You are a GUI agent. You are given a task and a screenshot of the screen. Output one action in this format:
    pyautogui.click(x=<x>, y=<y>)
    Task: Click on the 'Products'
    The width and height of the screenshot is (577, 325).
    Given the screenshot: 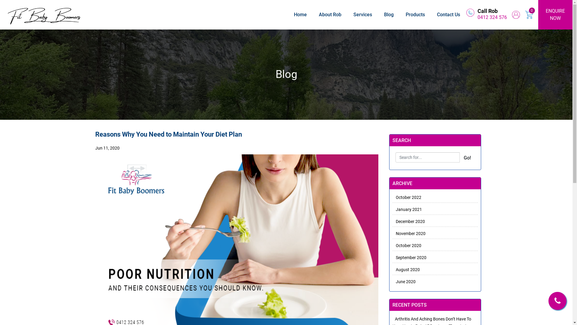 What is the action you would take?
    pyautogui.click(x=415, y=14)
    